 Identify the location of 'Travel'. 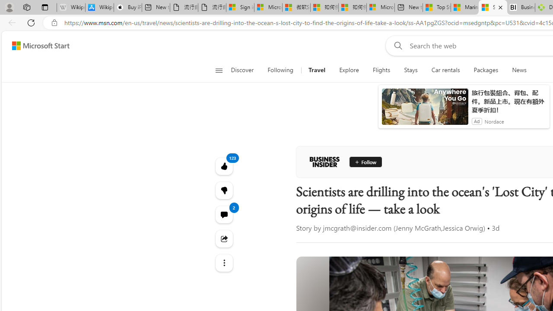
(317, 70).